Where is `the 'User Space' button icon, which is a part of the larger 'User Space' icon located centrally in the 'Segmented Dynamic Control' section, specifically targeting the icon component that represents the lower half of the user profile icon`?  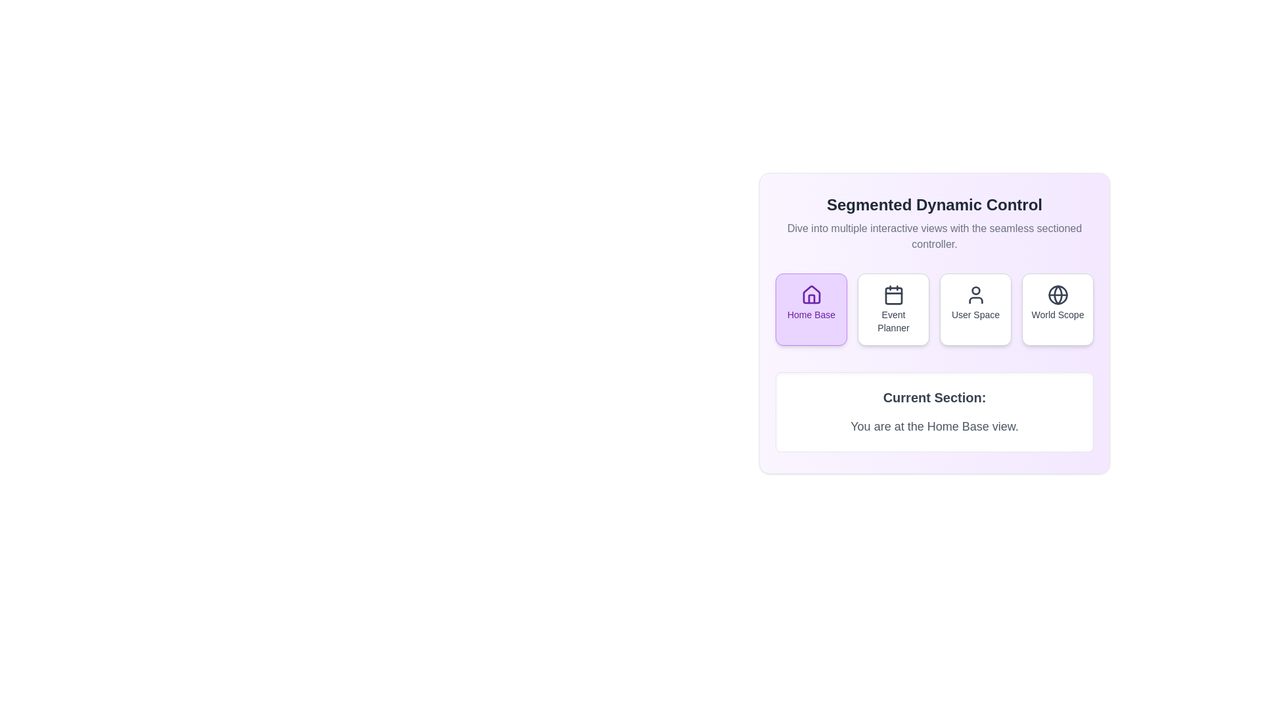 the 'User Space' button icon, which is a part of the larger 'User Space' icon located centrally in the 'Segmented Dynamic Control' section, specifically targeting the icon component that represents the lower half of the user profile icon is located at coordinates (975, 300).